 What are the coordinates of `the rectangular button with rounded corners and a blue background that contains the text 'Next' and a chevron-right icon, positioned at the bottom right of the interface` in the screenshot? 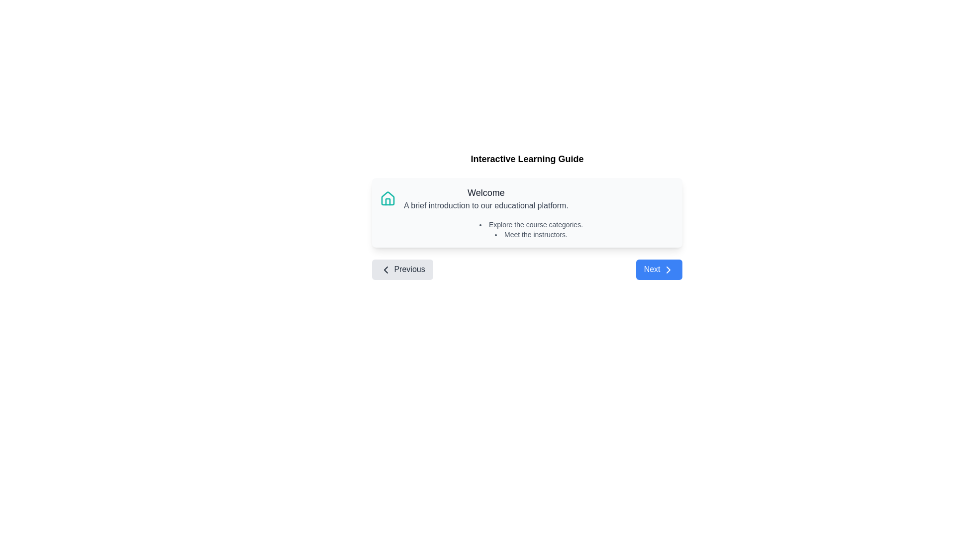 It's located at (659, 269).